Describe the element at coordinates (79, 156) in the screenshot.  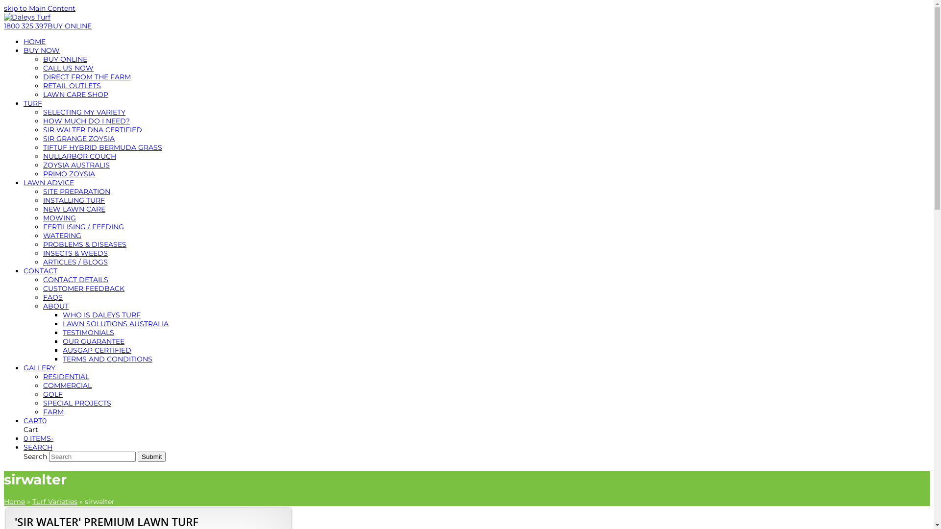
I see `'NULLARBOR COUCH'` at that location.